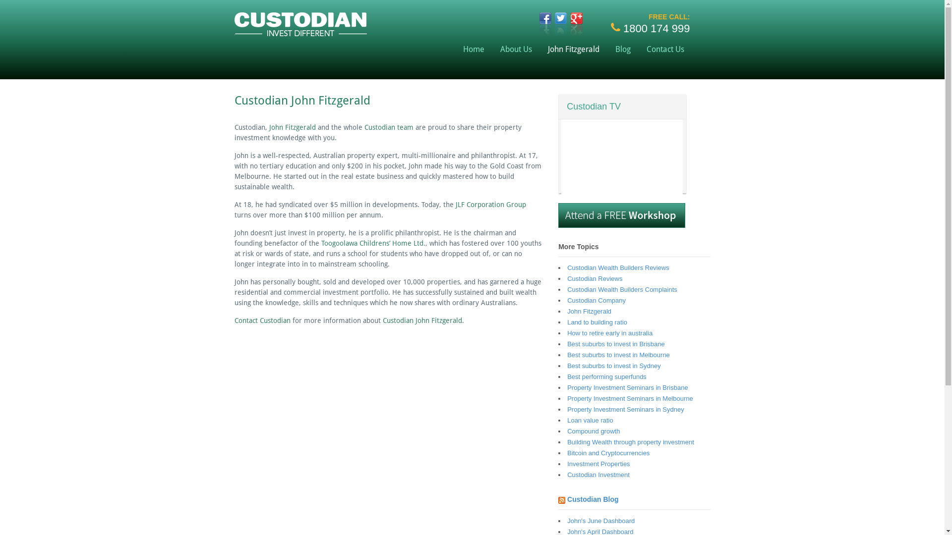 The width and height of the screenshot is (952, 535). What do you see at coordinates (388, 127) in the screenshot?
I see `'Custodian team'` at bounding box center [388, 127].